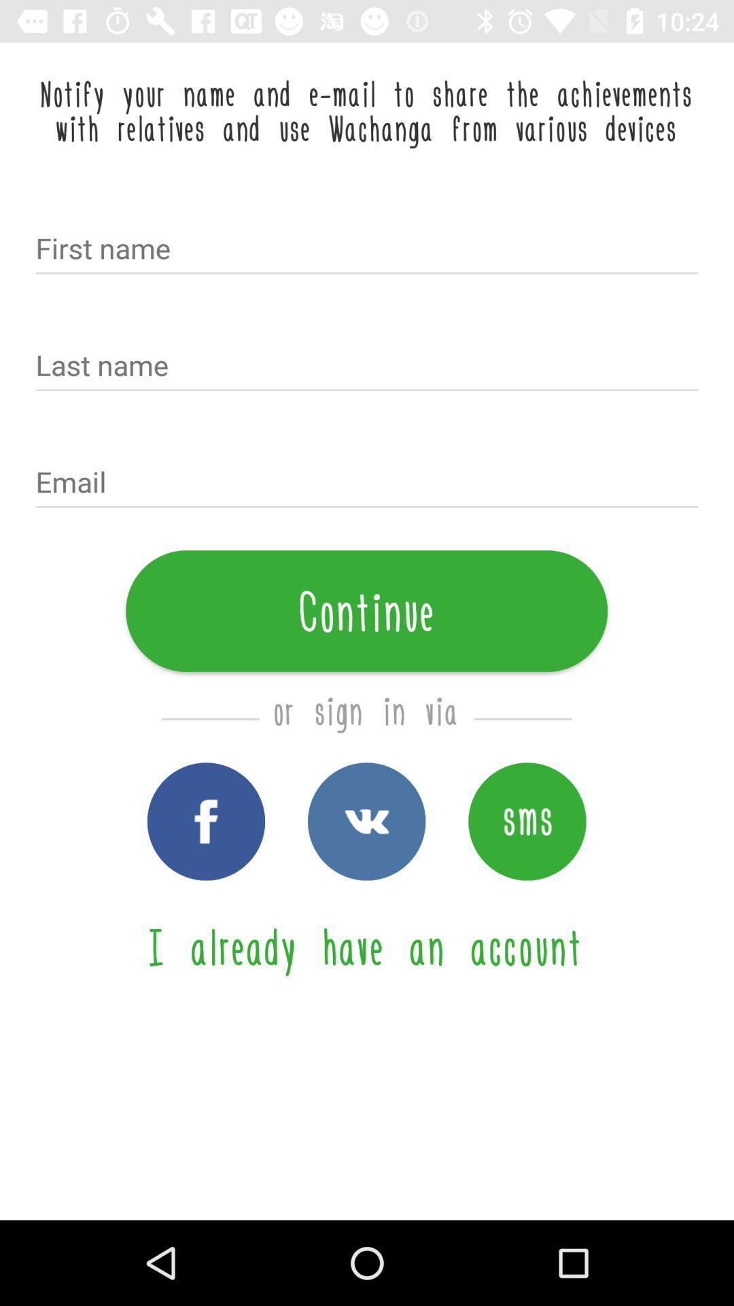  I want to click on the facebook icon, so click(206, 820).